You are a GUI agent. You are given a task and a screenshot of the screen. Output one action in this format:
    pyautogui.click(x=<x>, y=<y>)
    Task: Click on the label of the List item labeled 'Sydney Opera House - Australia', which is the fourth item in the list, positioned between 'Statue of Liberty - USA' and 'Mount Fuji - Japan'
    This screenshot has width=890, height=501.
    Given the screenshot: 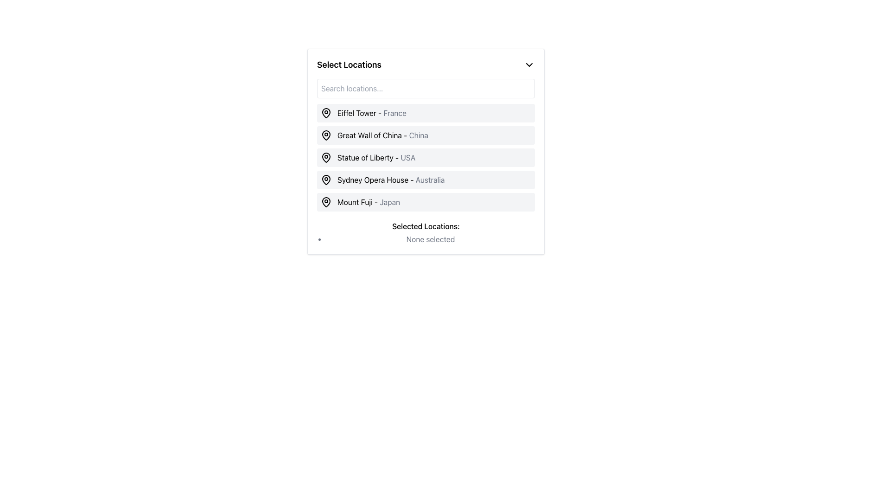 What is the action you would take?
    pyautogui.click(x=425, y=180)
    